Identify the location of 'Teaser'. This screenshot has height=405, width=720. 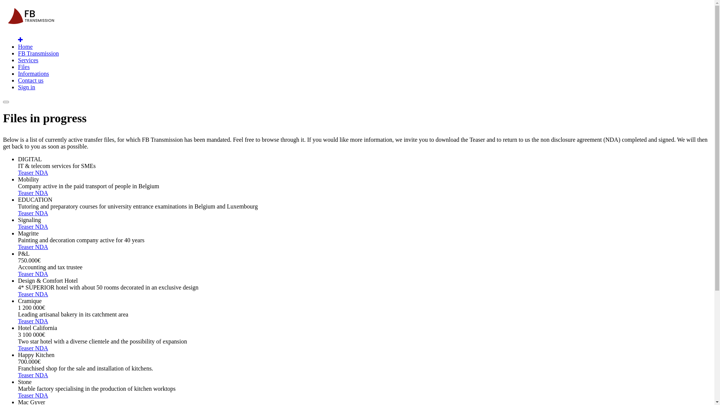
(18, 294).